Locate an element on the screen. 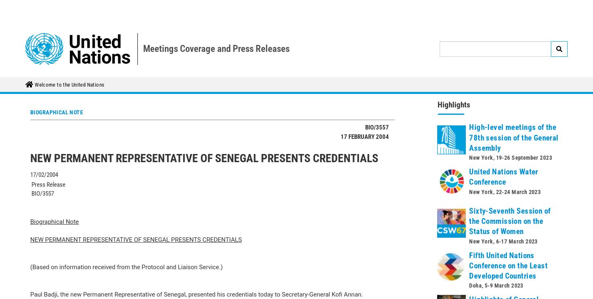 This screenshot has height=299, width=593. 'Welcome to the United Nations' is located at coordinates (68, 7).